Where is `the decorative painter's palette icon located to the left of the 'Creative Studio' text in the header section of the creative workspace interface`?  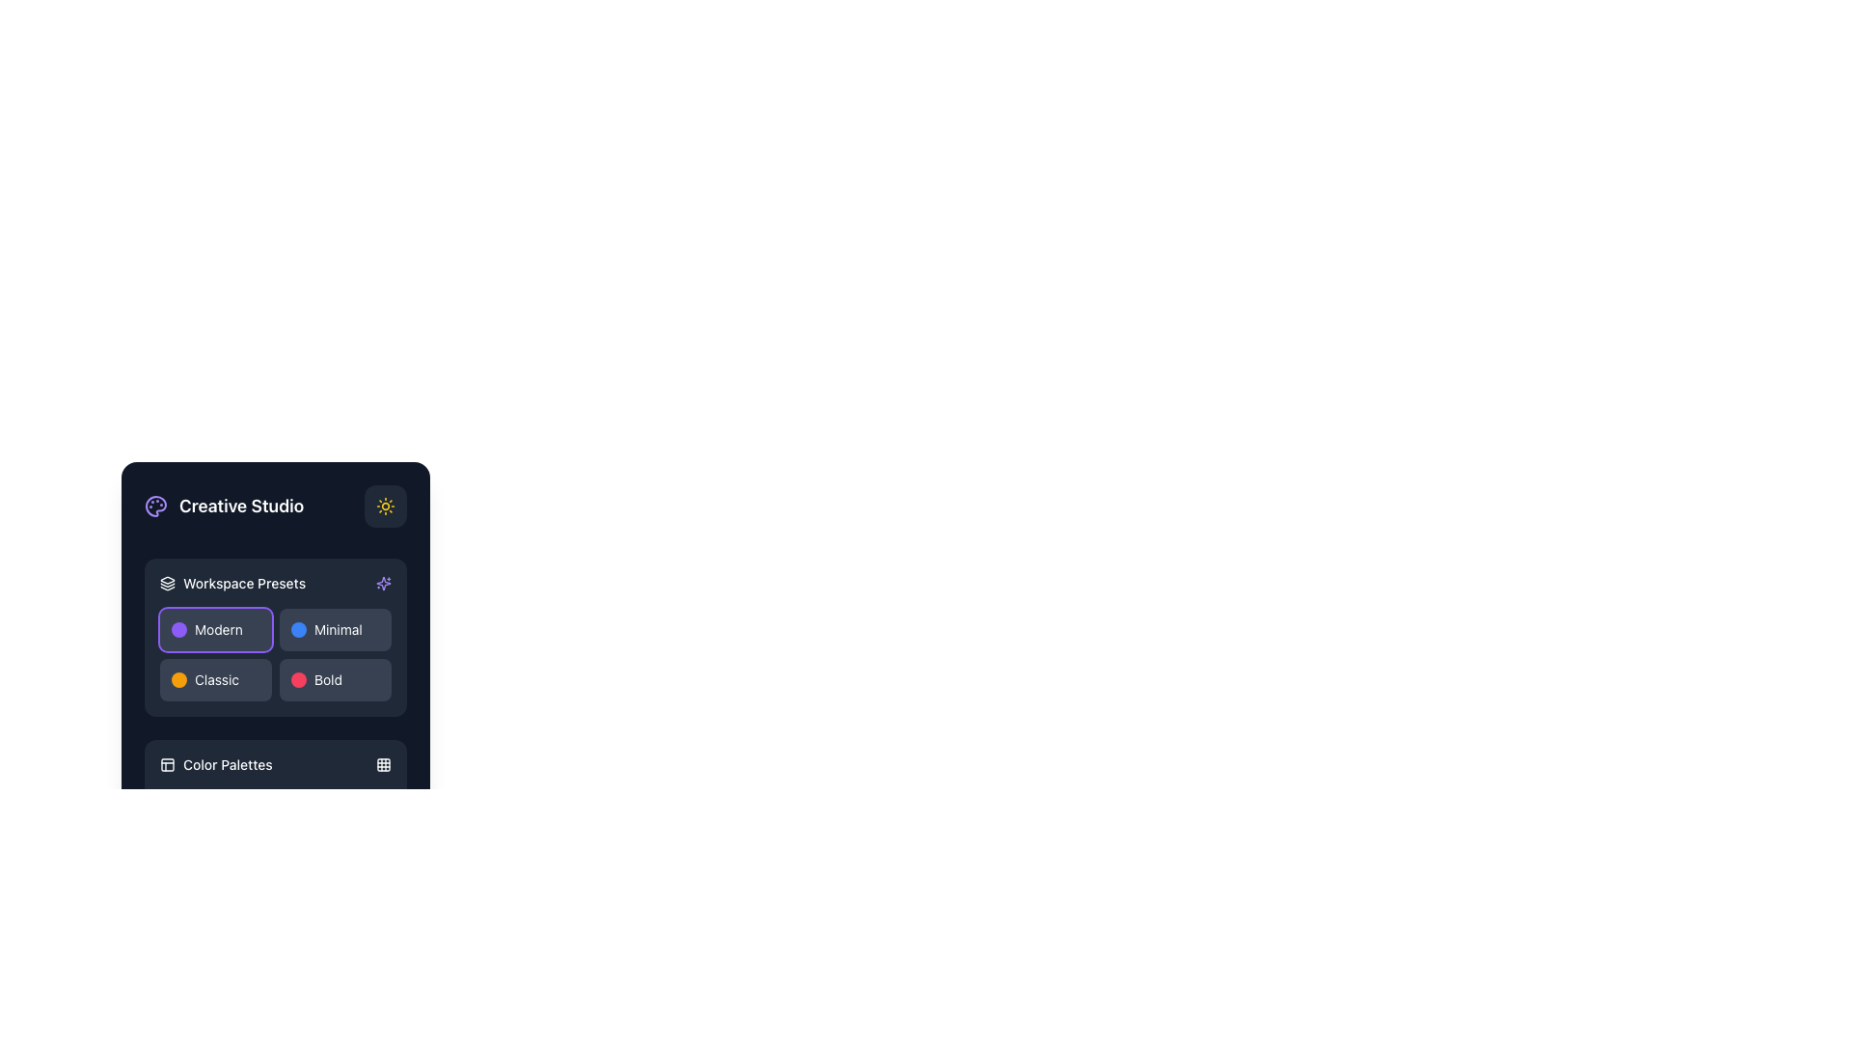 the decorative painter's palette icon located to the left of the 'Creative Studio' text in the header section of the creative workspace interface is located at coordinates (156, 505).